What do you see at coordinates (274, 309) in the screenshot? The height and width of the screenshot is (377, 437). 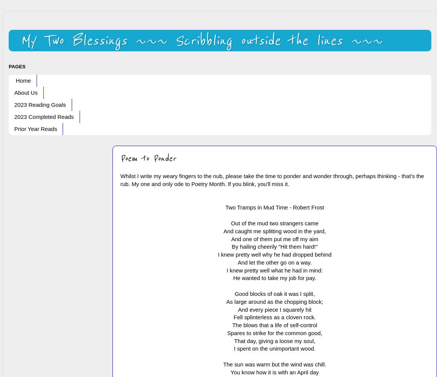 I see `'And every piece I squarely hit'` at bounding box center [274, 309].